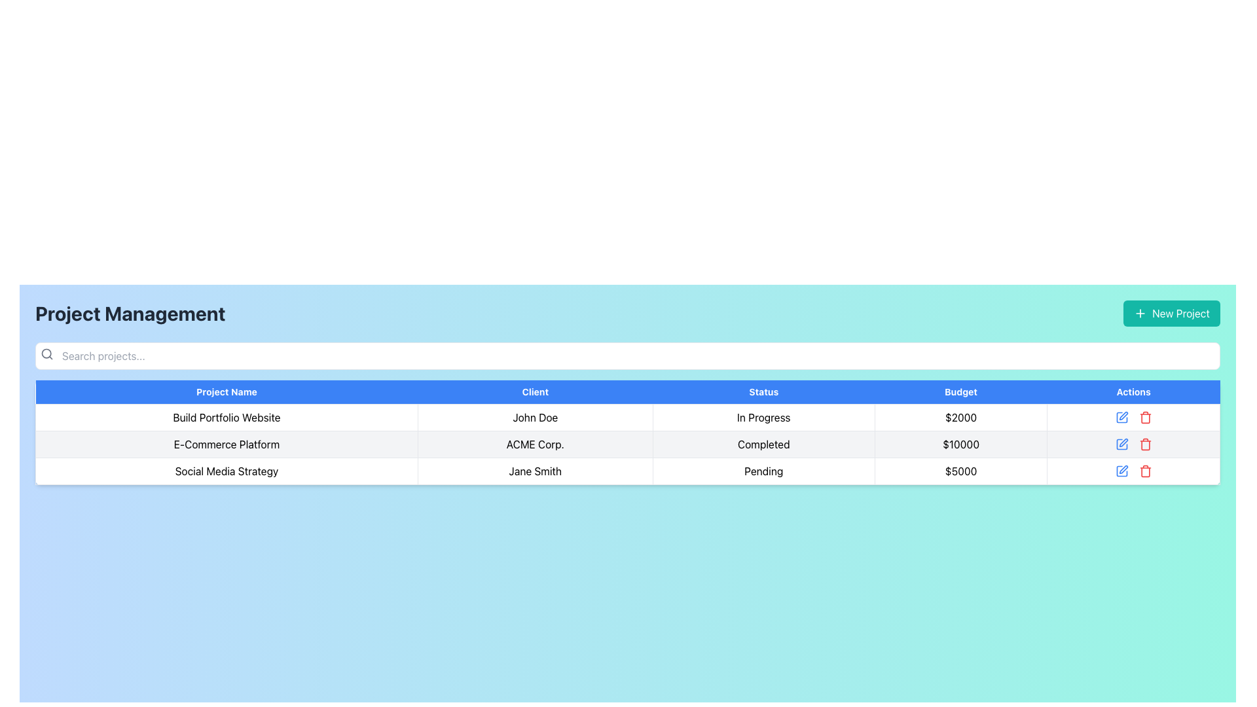  What do you see at coordinates (1121, 417) in the screenshot?
I see `the edit icon button, which resembles a blue pencil and is located in the 'Actions' column of the first row in the data table` at bounding box center [1121, 417].